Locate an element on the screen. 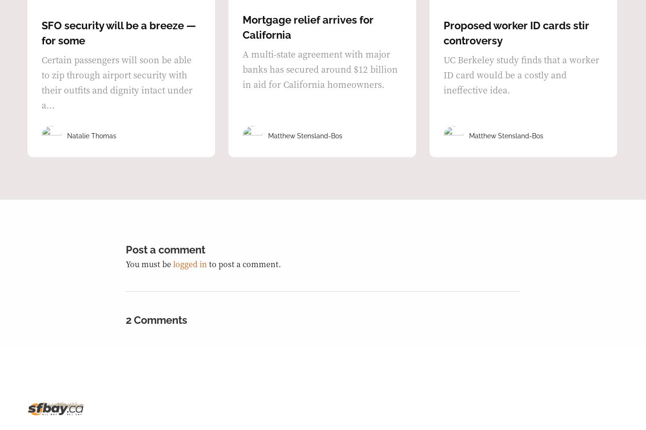 The width and height of the screenshot is (646, 430). 'UC Berkeley study finds that a worker ID card would be a costly and ineffective idea.' is located at coordinates (521, 74).